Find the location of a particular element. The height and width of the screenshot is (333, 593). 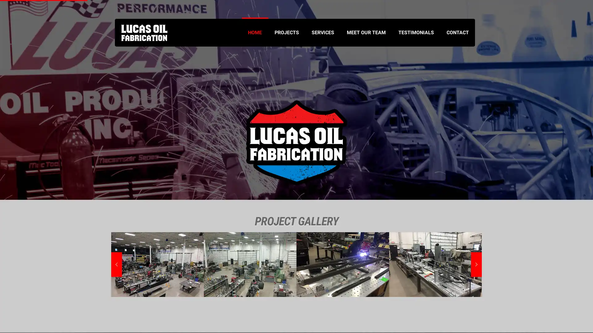

Reject All is located at coordinates (80, 307).